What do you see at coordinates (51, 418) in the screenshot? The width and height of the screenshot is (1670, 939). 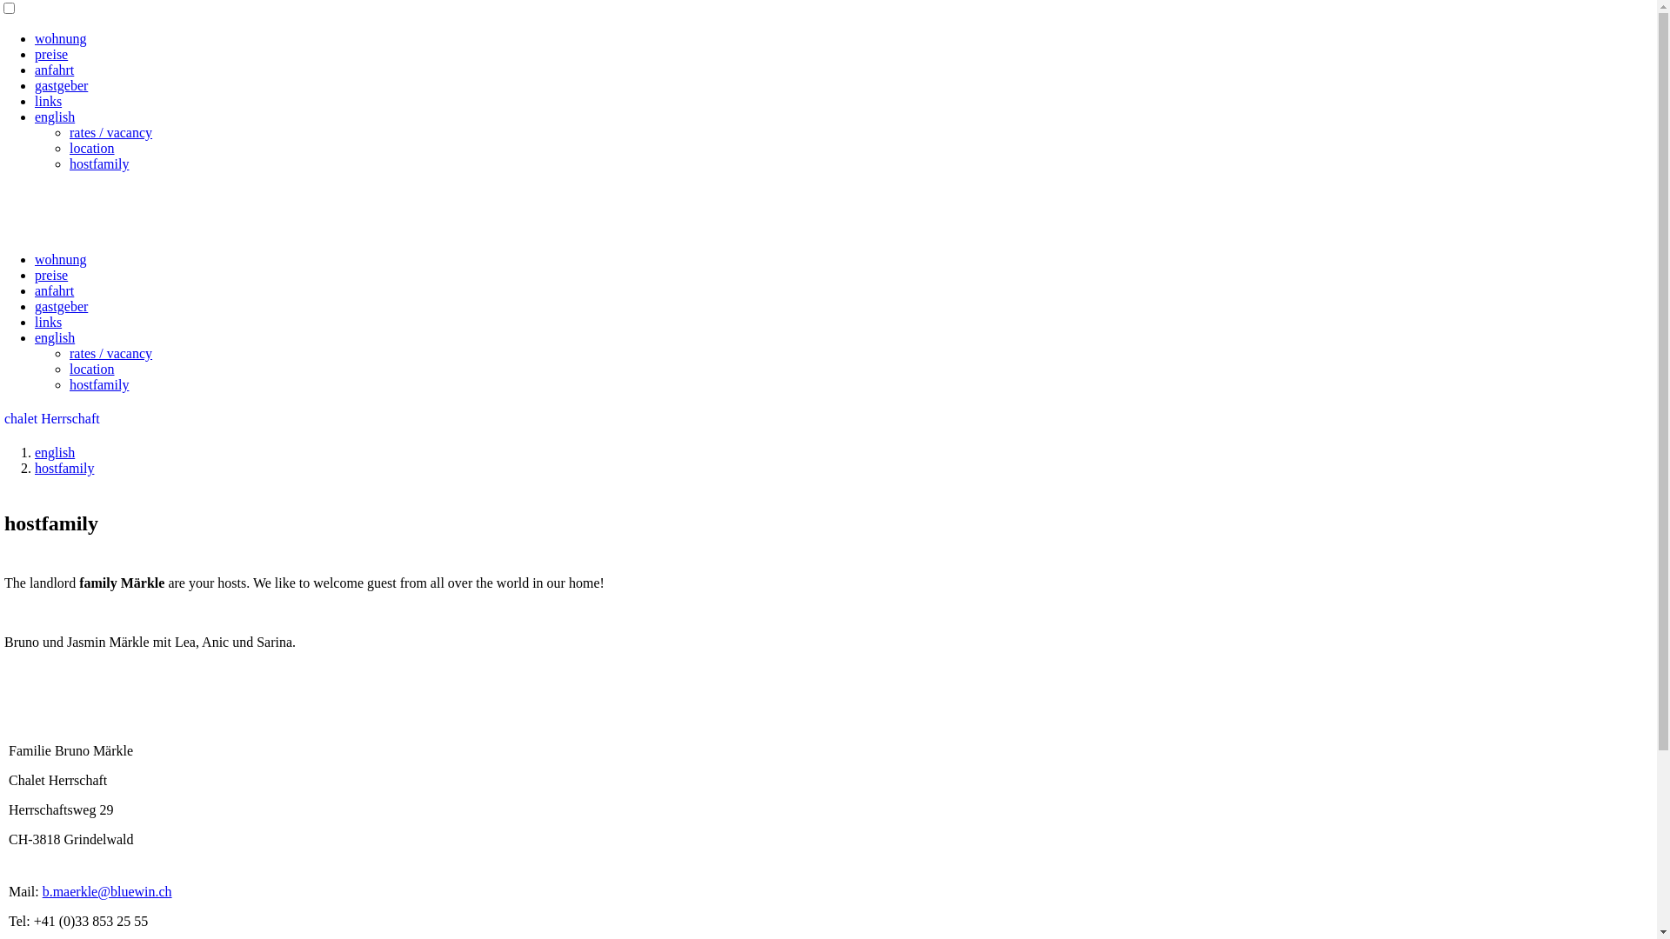 I see `'chalet Herrschaft'` at bounding box center [51, 418].